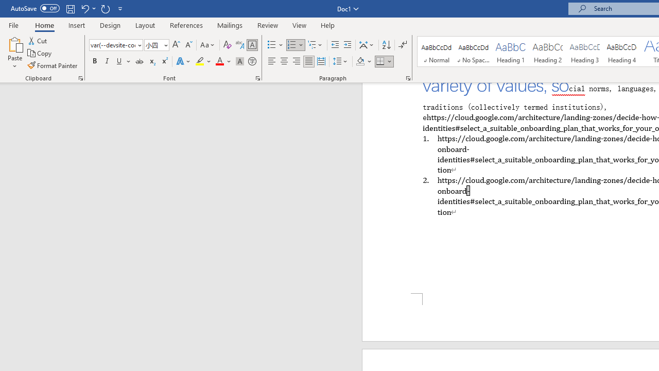 This screenshot has height=371, width=659. What do you see at coordinates (258, 77) in the screenshot?
I see `'Font...'` at bounding box center [258, 77].